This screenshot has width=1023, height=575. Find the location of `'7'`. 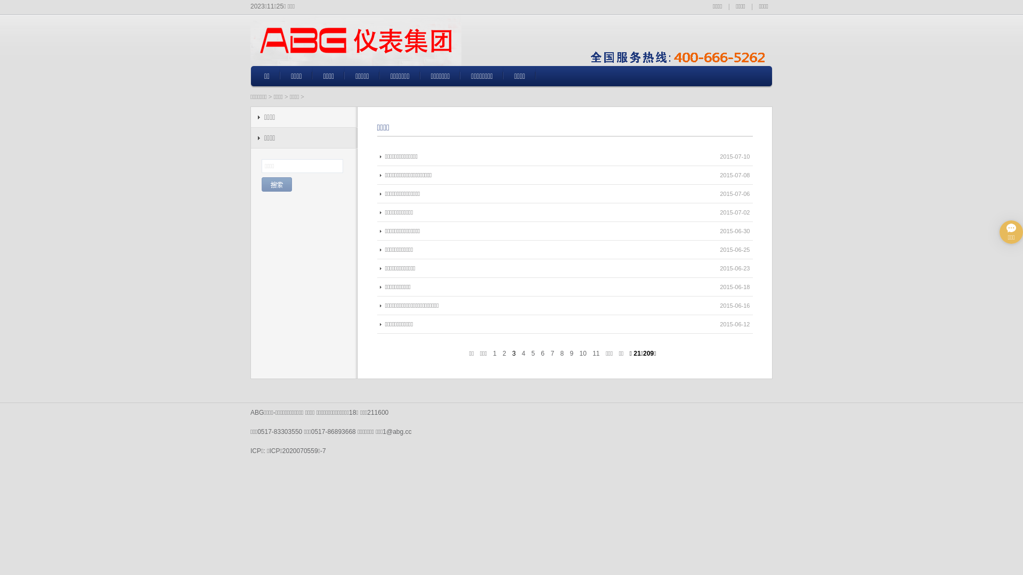

'7' is located at coordinates (552, 353).